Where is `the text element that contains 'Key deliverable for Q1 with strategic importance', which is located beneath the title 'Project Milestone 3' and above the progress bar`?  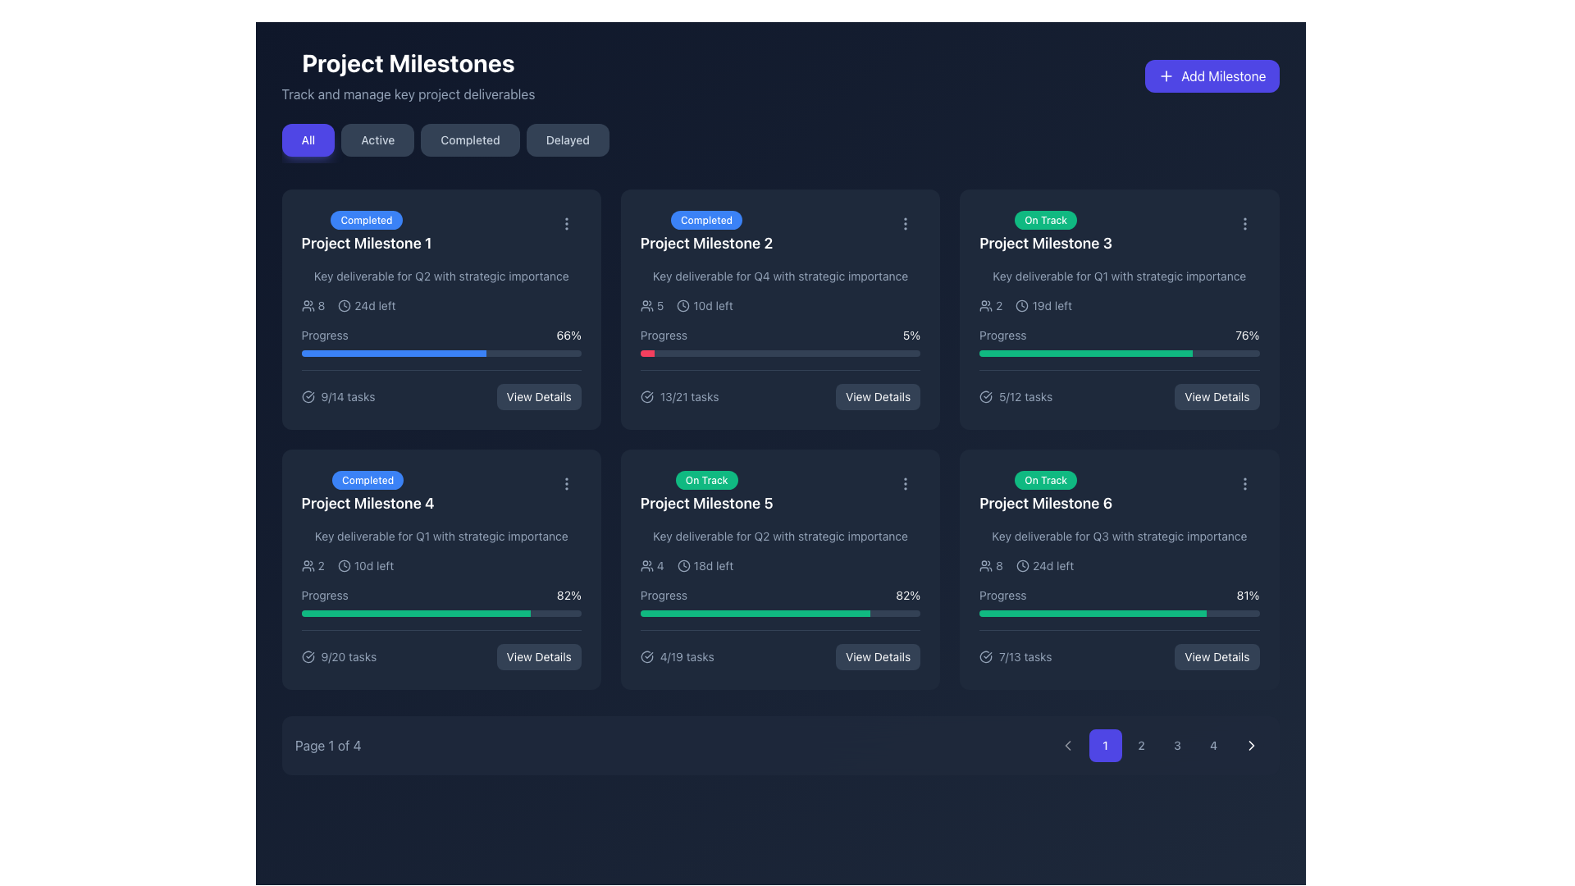 the text element that contains 'Key deliverable for Q1 with strategic importance', which is located beneath the title 'Project Milestone 3' and above the progress bar is located at coordinates (1118, 275).